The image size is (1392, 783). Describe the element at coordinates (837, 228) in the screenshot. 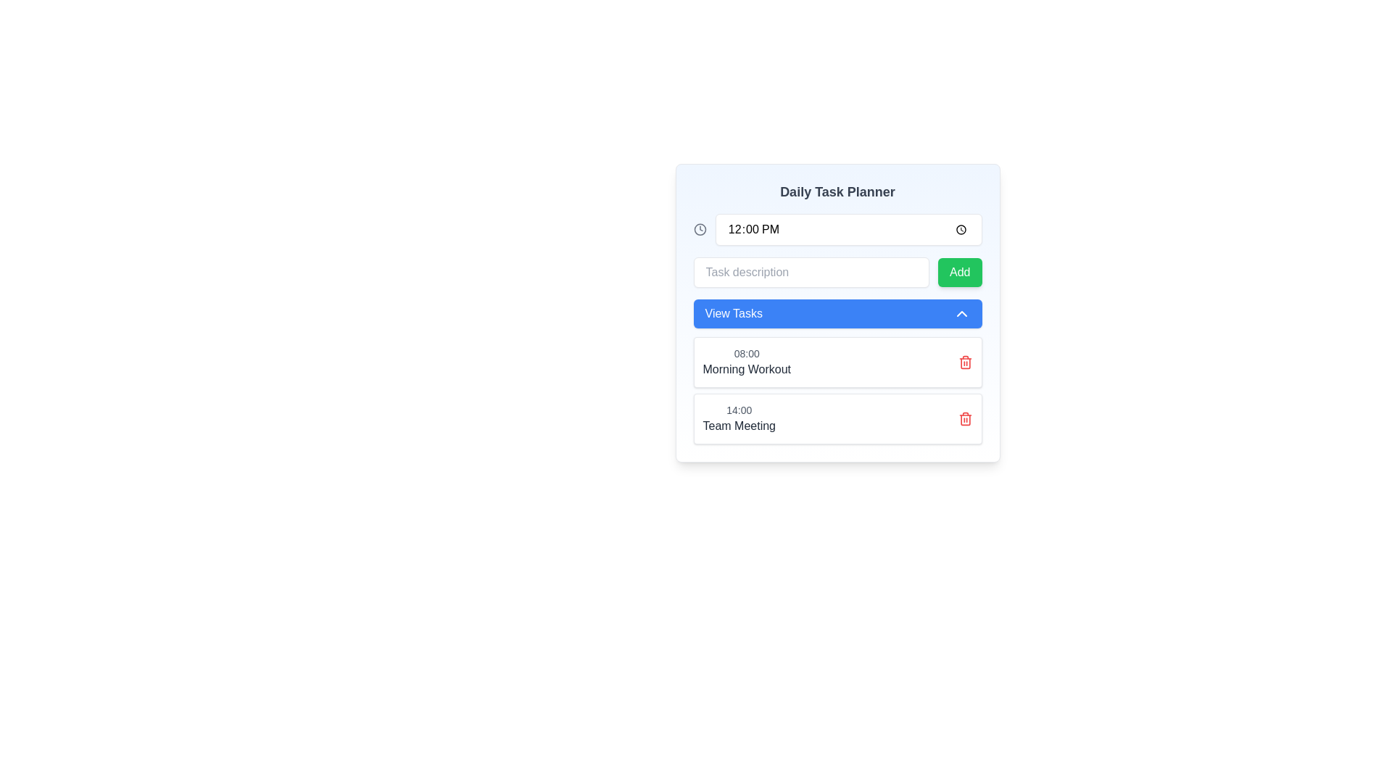

I see `the time entry field of the Time input component for editing` at that location.